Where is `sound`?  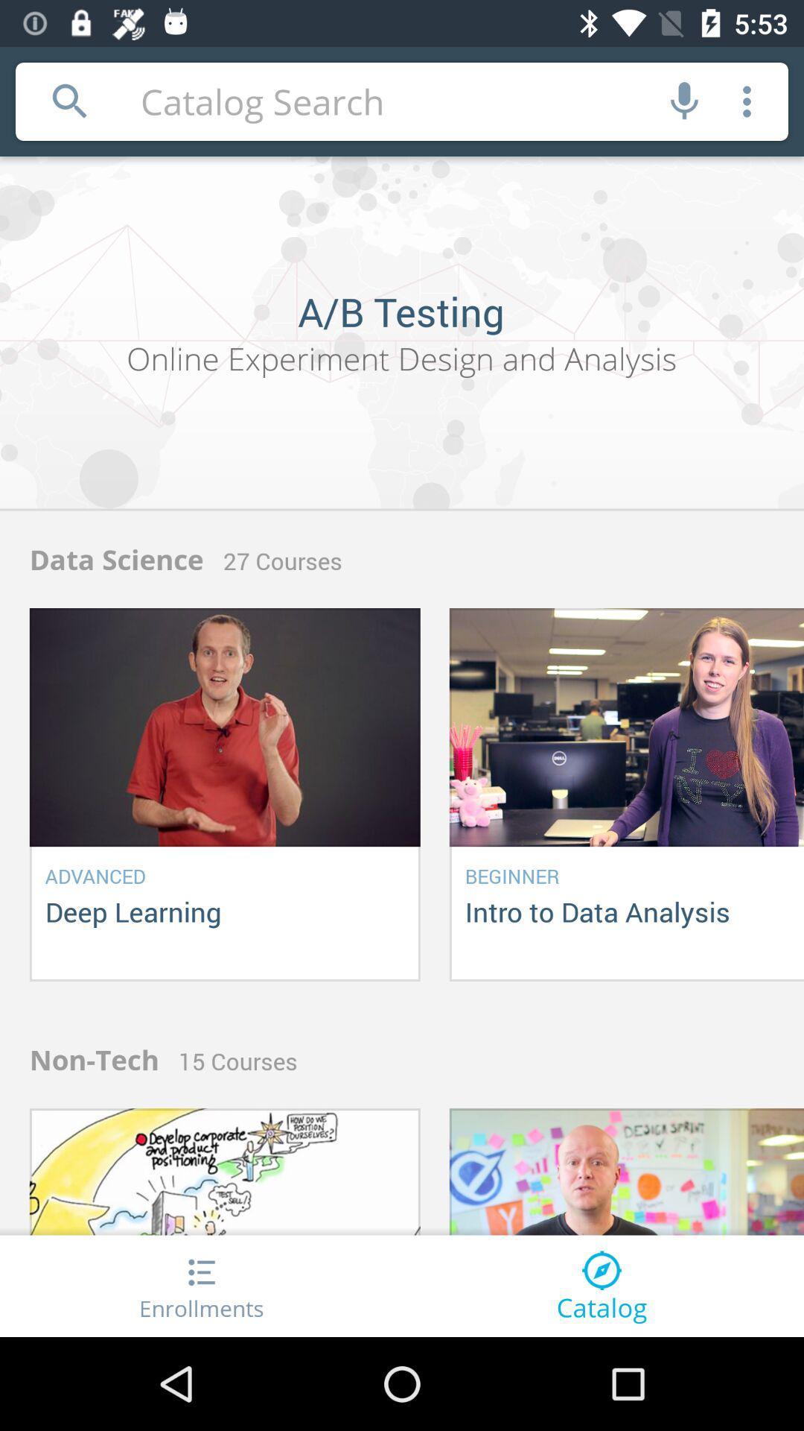
sound is located at coordinates (684, 101).